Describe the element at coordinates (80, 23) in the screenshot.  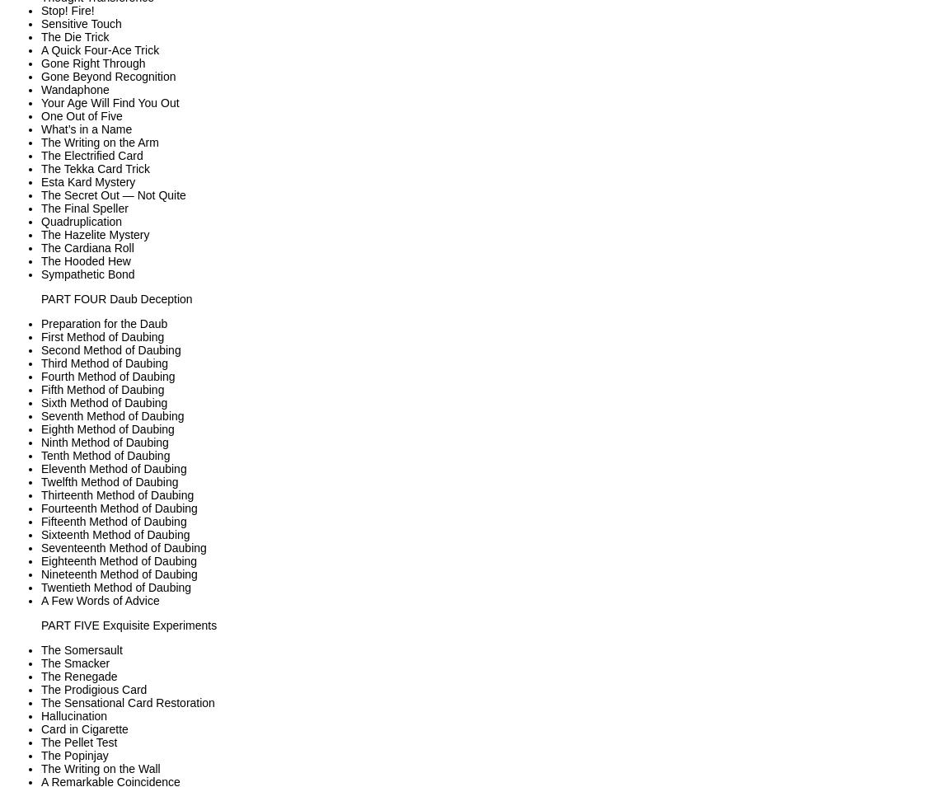
I see `'Sensitive Touch'` at that location.